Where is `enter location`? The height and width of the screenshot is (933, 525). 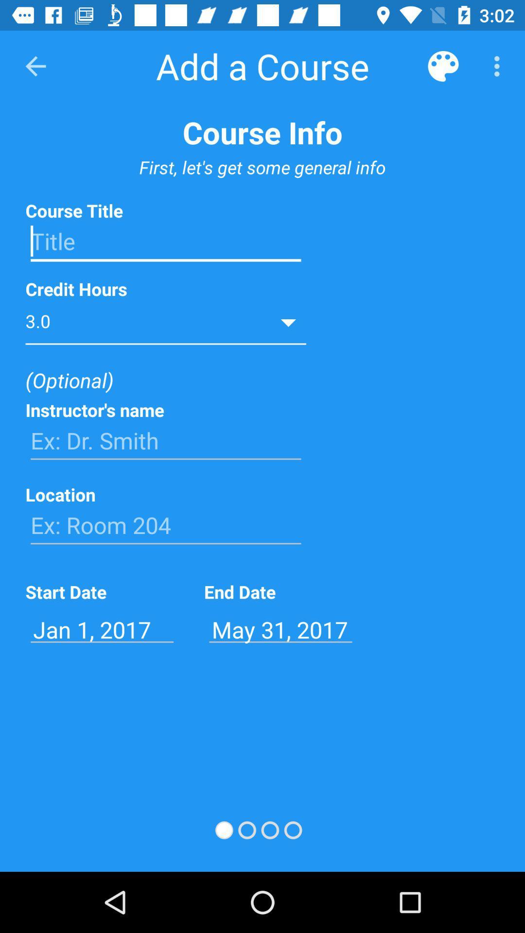 enter location is located at coordinates (165, 525).